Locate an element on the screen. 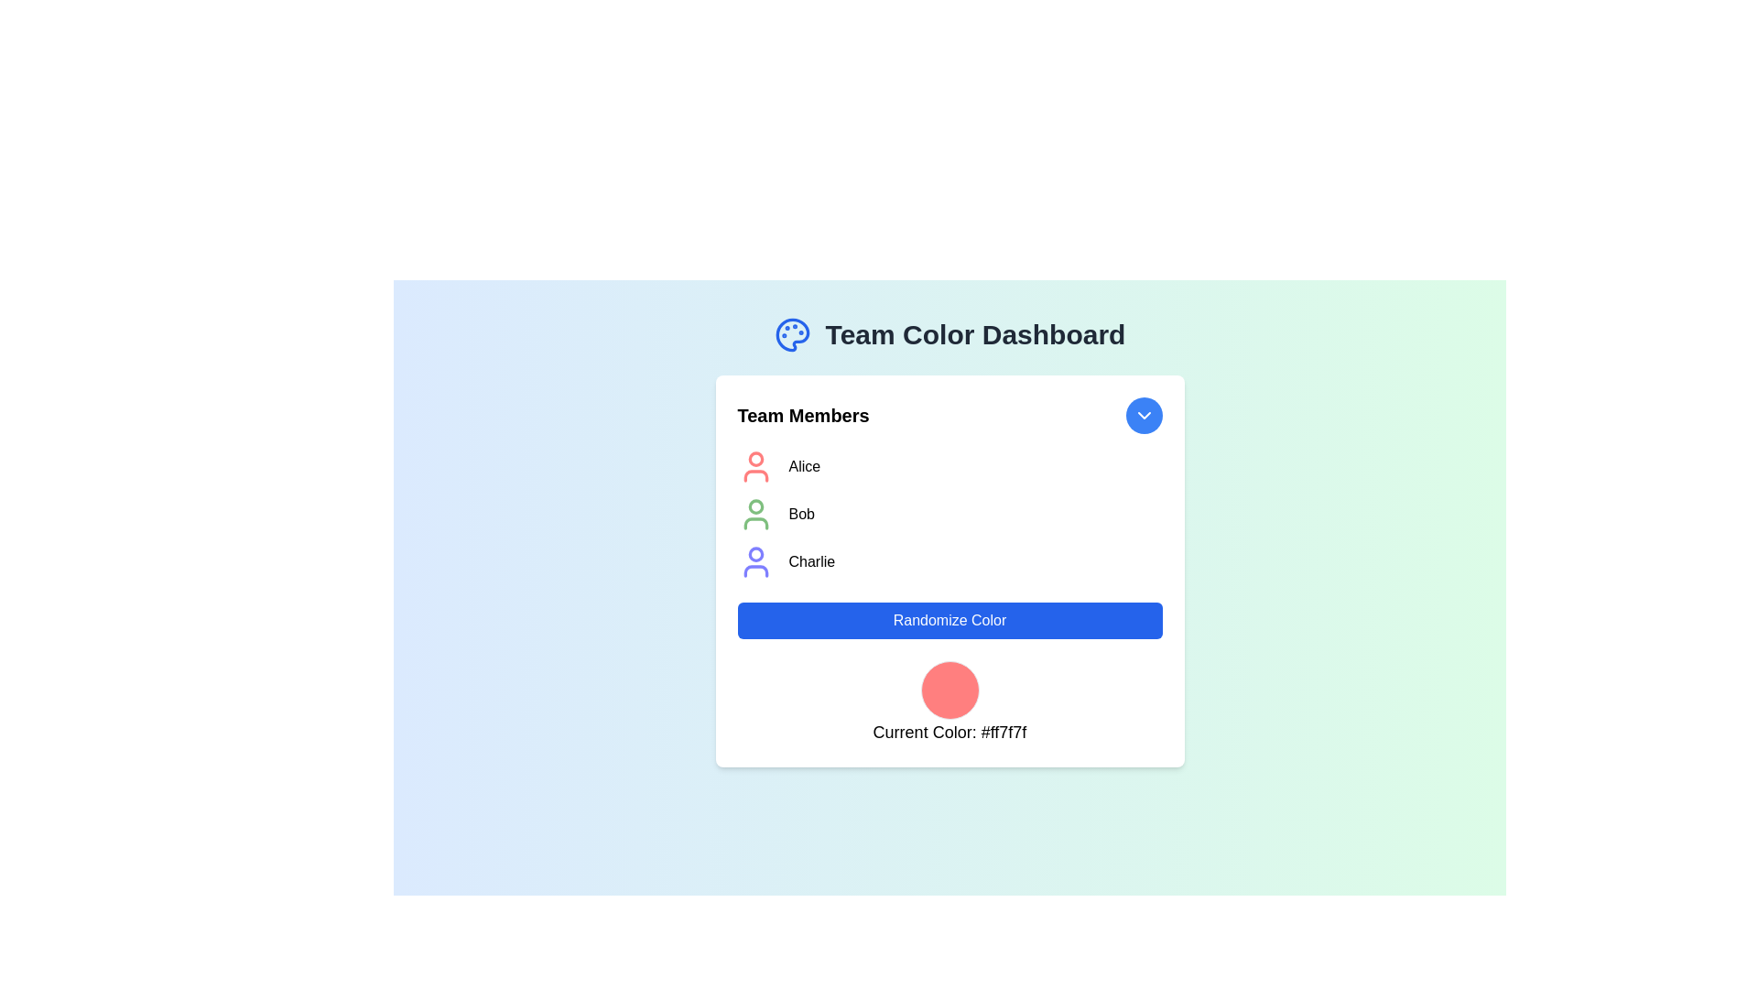 This screenshot has height=989, width=1758. the Header with icon that identifies the purpose of the dashboard for managing team colors, positioned at the topmost component within the main card is located at coordinates (950, 335).